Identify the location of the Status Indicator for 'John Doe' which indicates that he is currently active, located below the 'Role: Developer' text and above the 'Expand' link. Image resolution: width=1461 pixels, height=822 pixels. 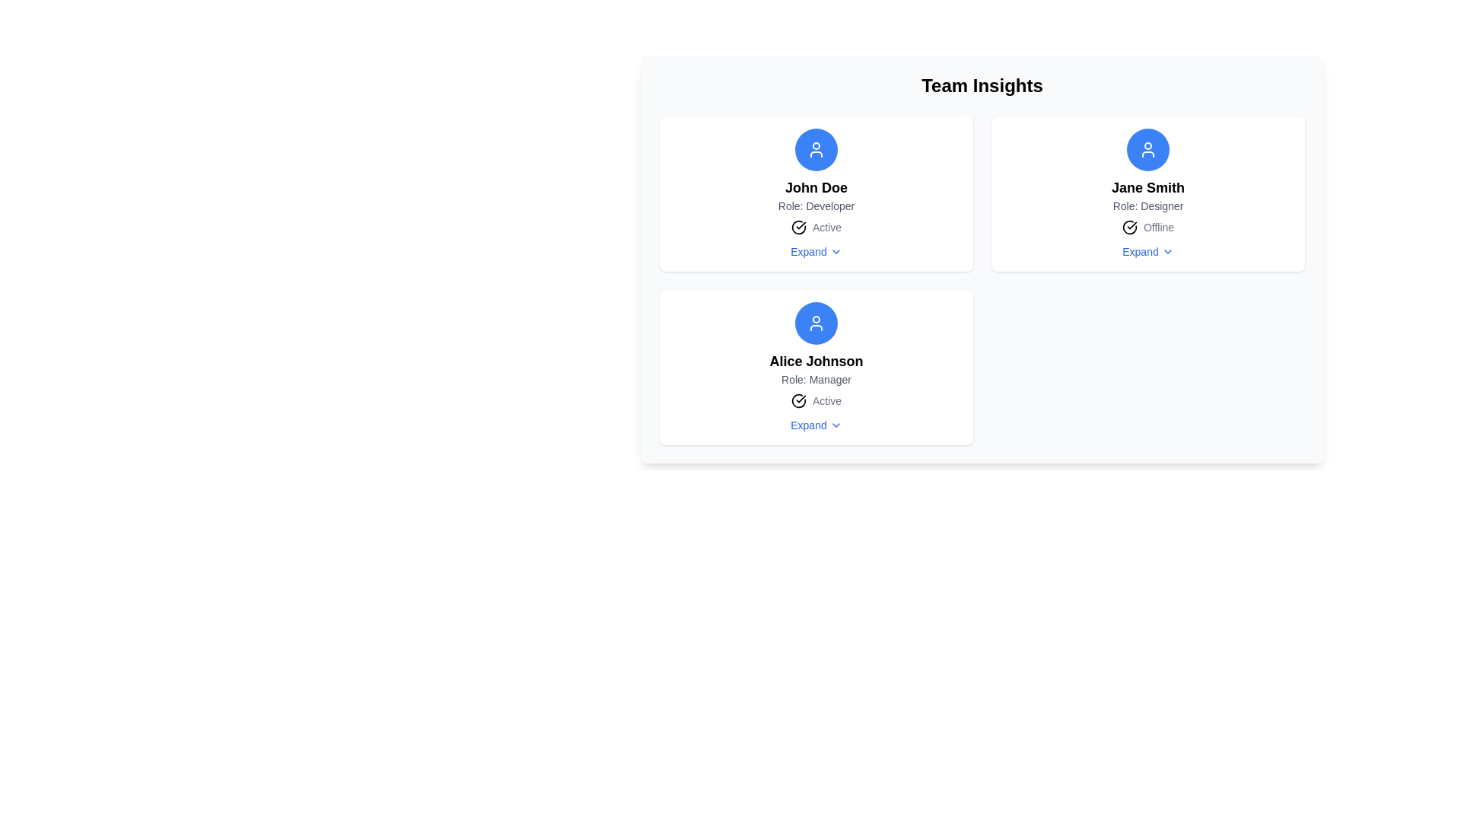
(816, 228).